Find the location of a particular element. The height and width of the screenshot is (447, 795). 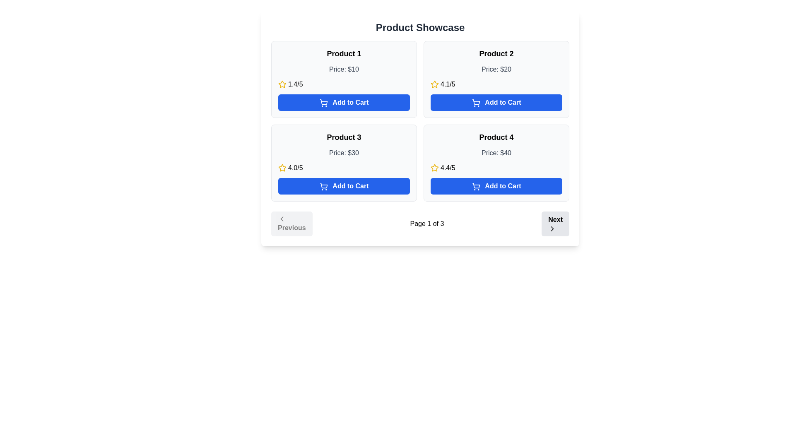

the action button for adding Product 2 to the shopping cart, located beneath the rating component displaying '4.1/5' in the grid view is located at coordinates (496, 102).